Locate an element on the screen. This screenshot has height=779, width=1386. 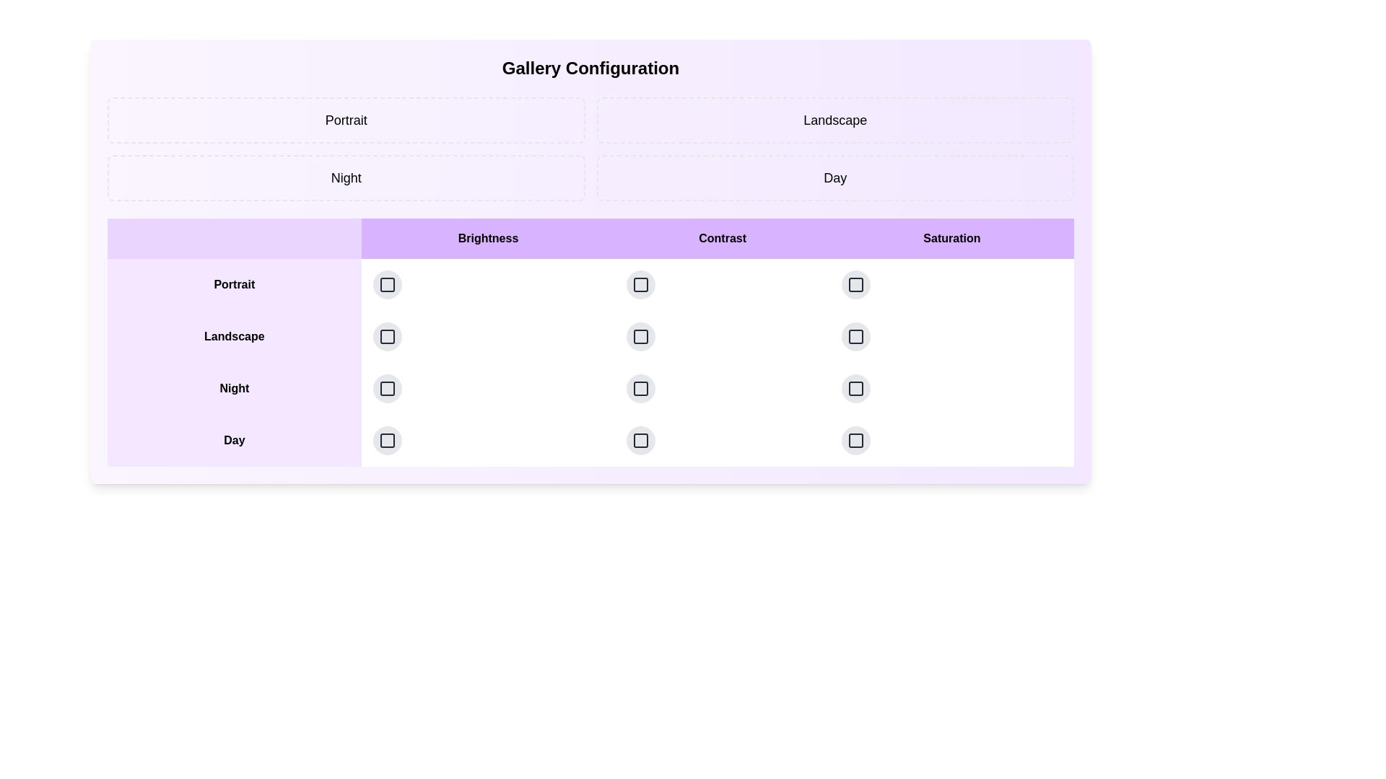
the icon located at the intersection of the 'Saturation' column and the 'Contrast' row is located at coordinates (855, 284).